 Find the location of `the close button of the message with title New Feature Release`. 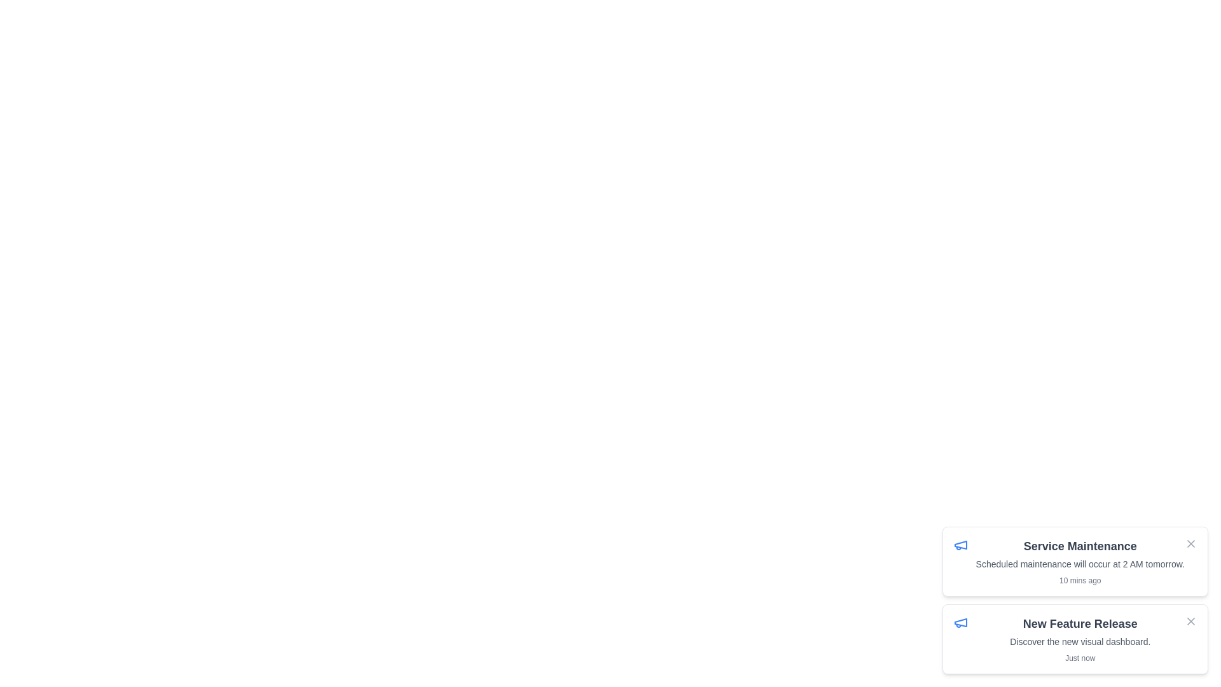

the close button of the message with title New Feature Release is located at coordinates (1190, 620).